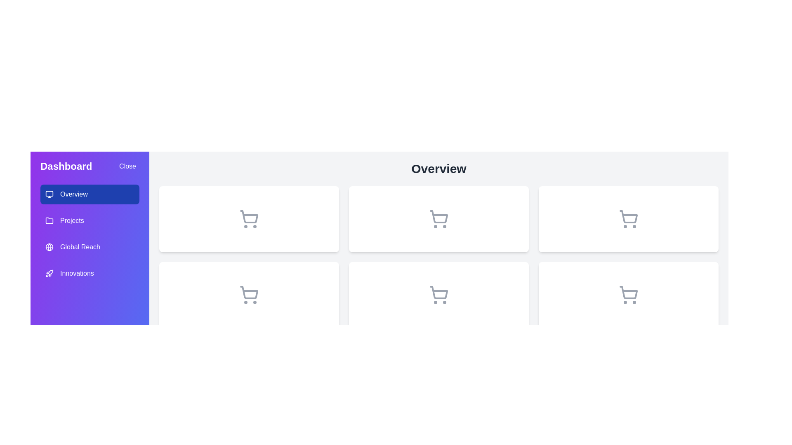 The image size is (792, 445). What do you see at coordinates (90, 247) in the screenshot?
I see `the menu item labeled Global Reach to observe its hover effect` at bounding box center [90, 247].